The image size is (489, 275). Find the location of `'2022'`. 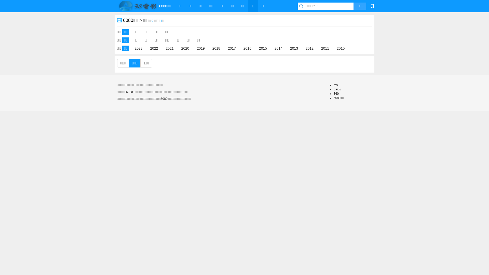

'2022' is located at coordinates (148, 48).